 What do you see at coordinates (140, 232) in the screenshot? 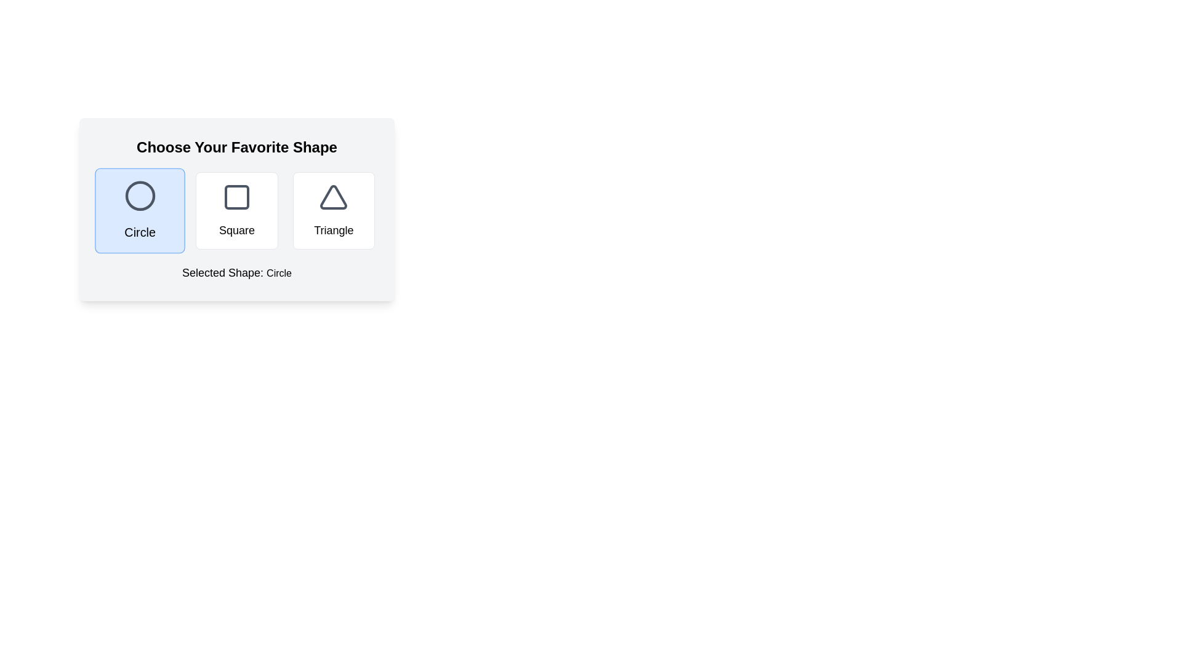
I see `text of the text label displaying 'Circle', which is styled in bold and medium-sized font and located below a circular icon` at bounding box center [140, 232].